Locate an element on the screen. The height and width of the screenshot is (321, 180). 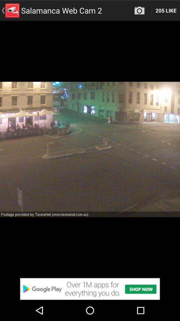
advertising link is located at coordinates (90, 289).